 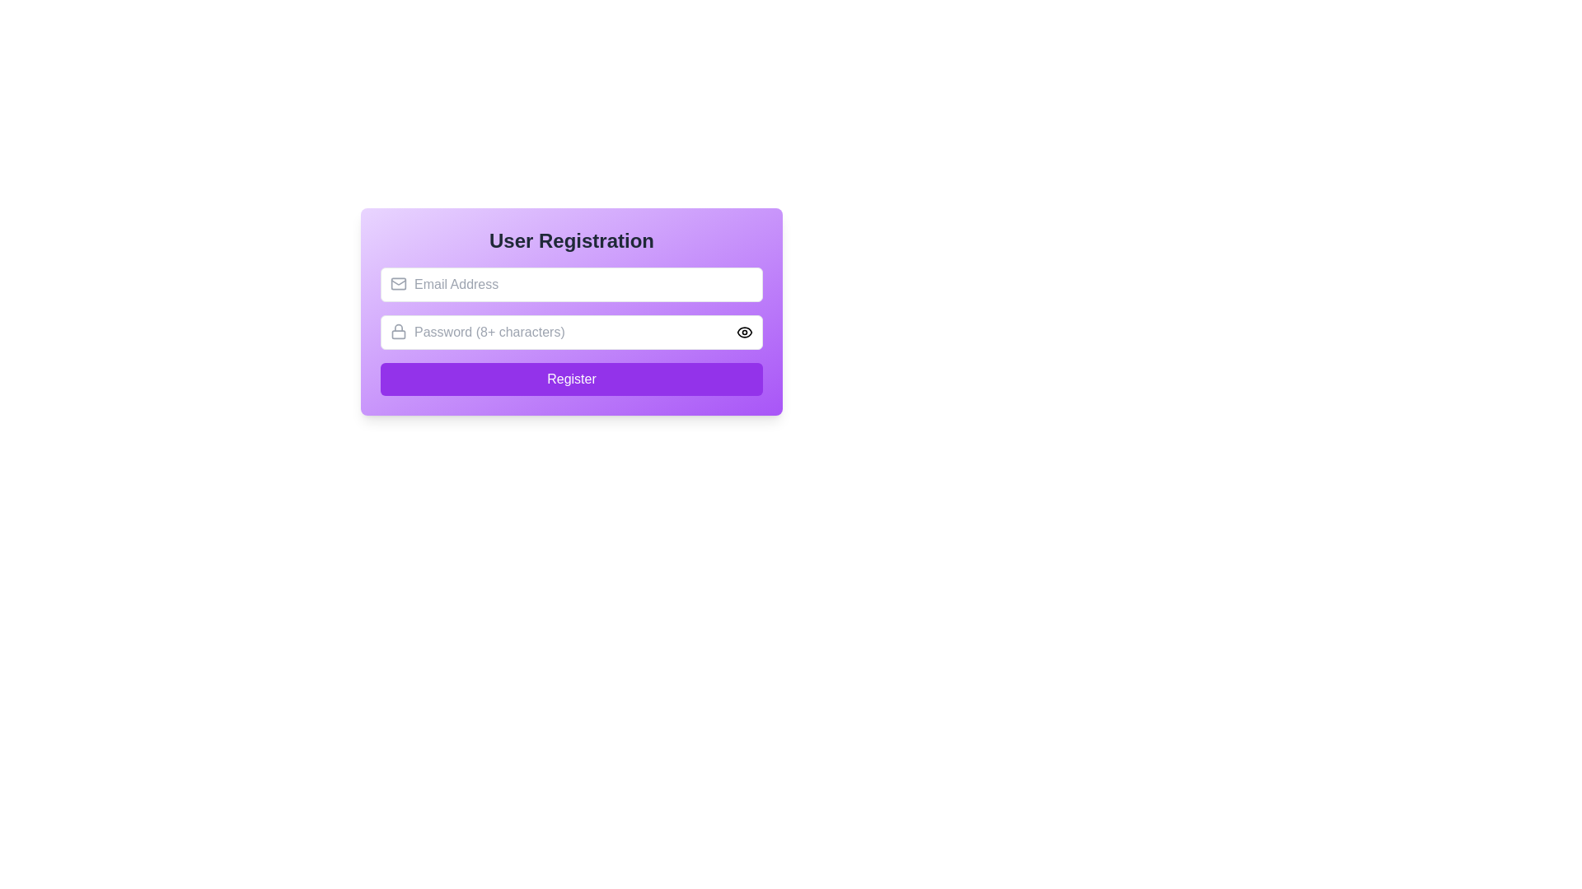 I want to click on the 'Register' button, which is a rectangular button with a purple background and white text, so click(x=572, y=379).